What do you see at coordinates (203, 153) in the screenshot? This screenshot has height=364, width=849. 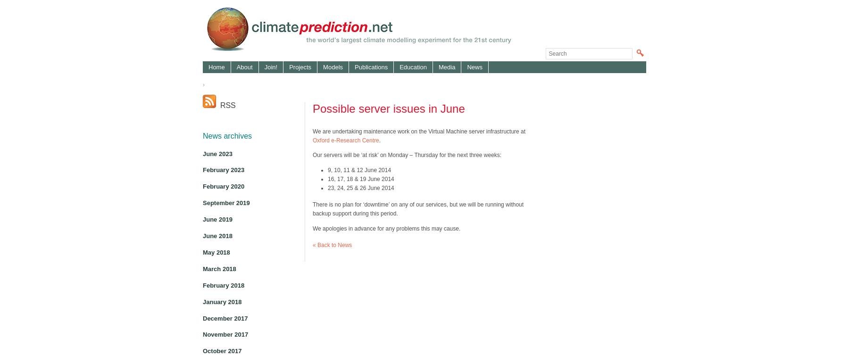 I see `'June 2023'` at bounding box center [203, 153].